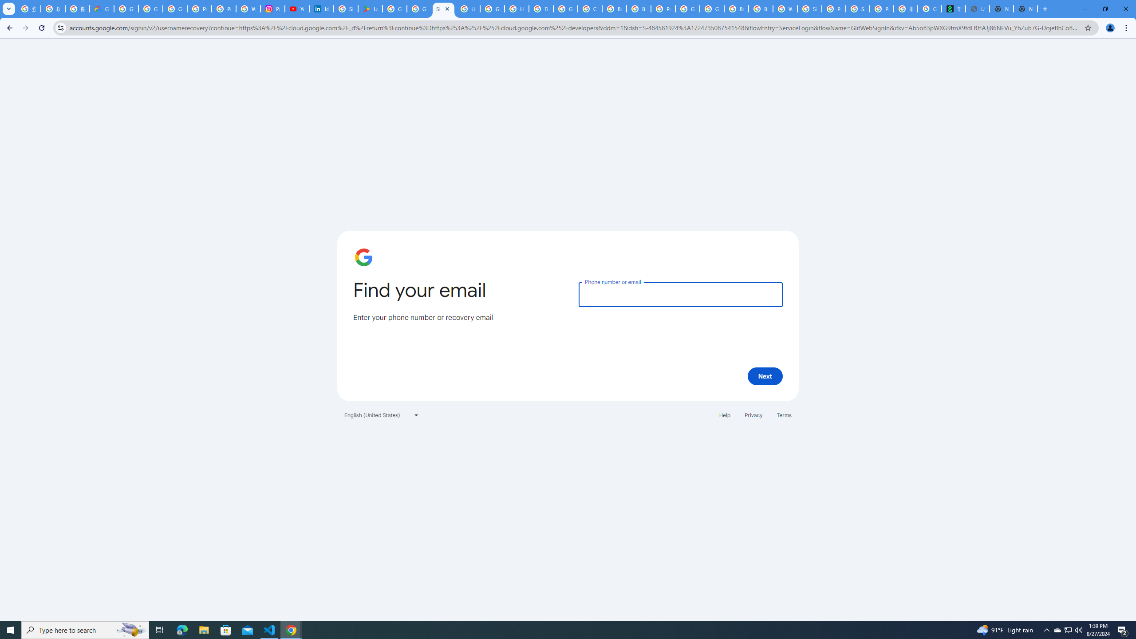 The height and width of the screenshot is (639, 1136). What do you see at coordinates (370, 8) in the screenshot?
I see `'Last Shelter: Survival - Apps on Google Play'` at bounding box center [370, 8].